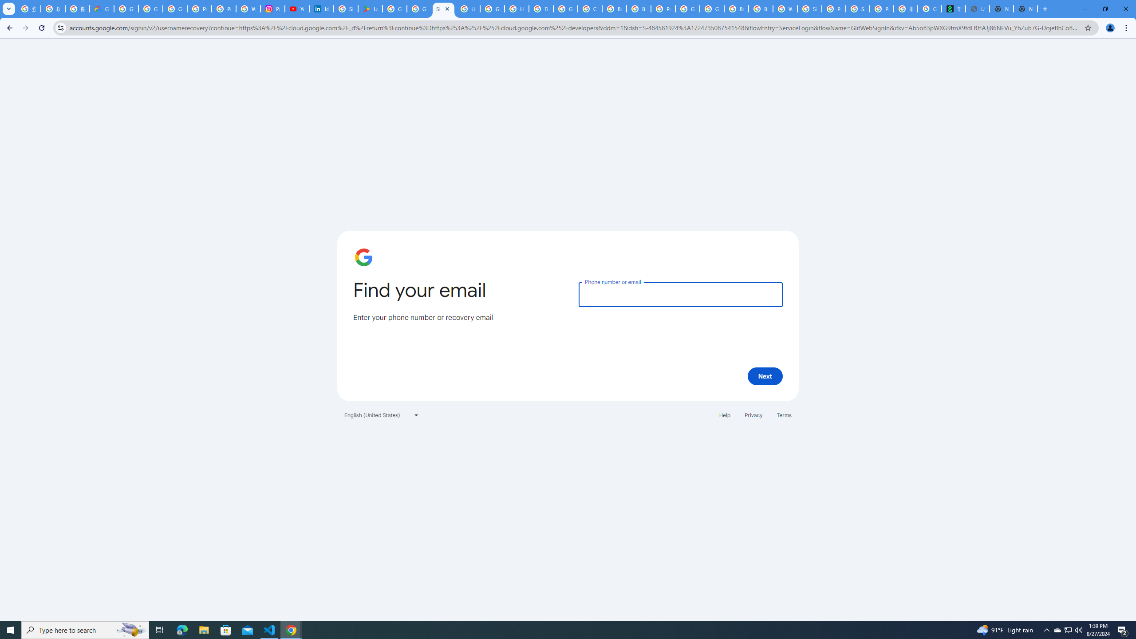 The height and width of the screenshot is (639, 1136). What do you see at coordinates (370, 8) in the screenshot?
I see `'Last Shelter: Survival - Apps on Google Play'` at bounding box center [370, 8].